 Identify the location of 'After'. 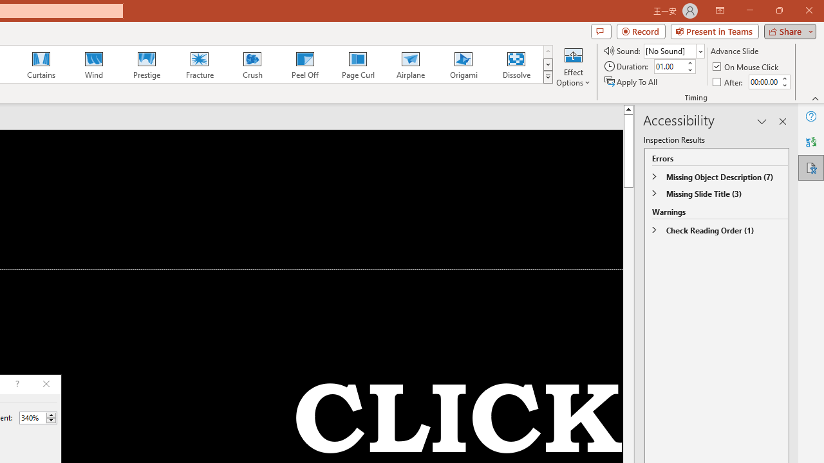
(729, 82).